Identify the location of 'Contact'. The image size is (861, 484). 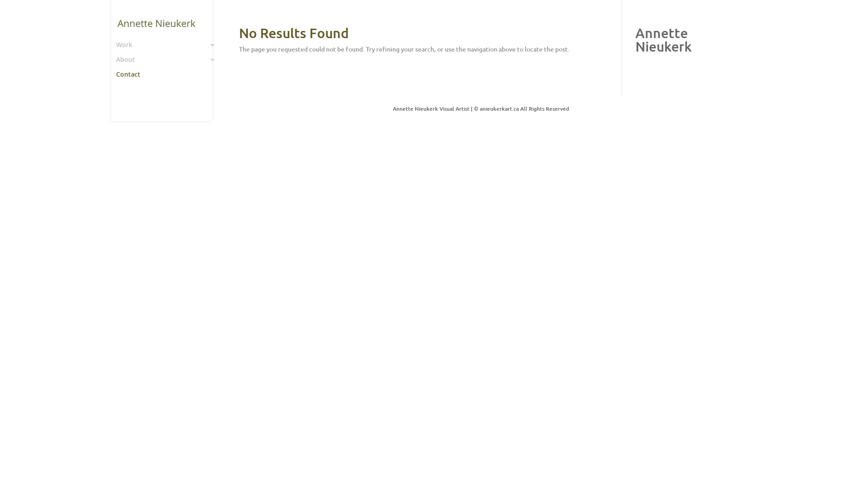
(170, 78).